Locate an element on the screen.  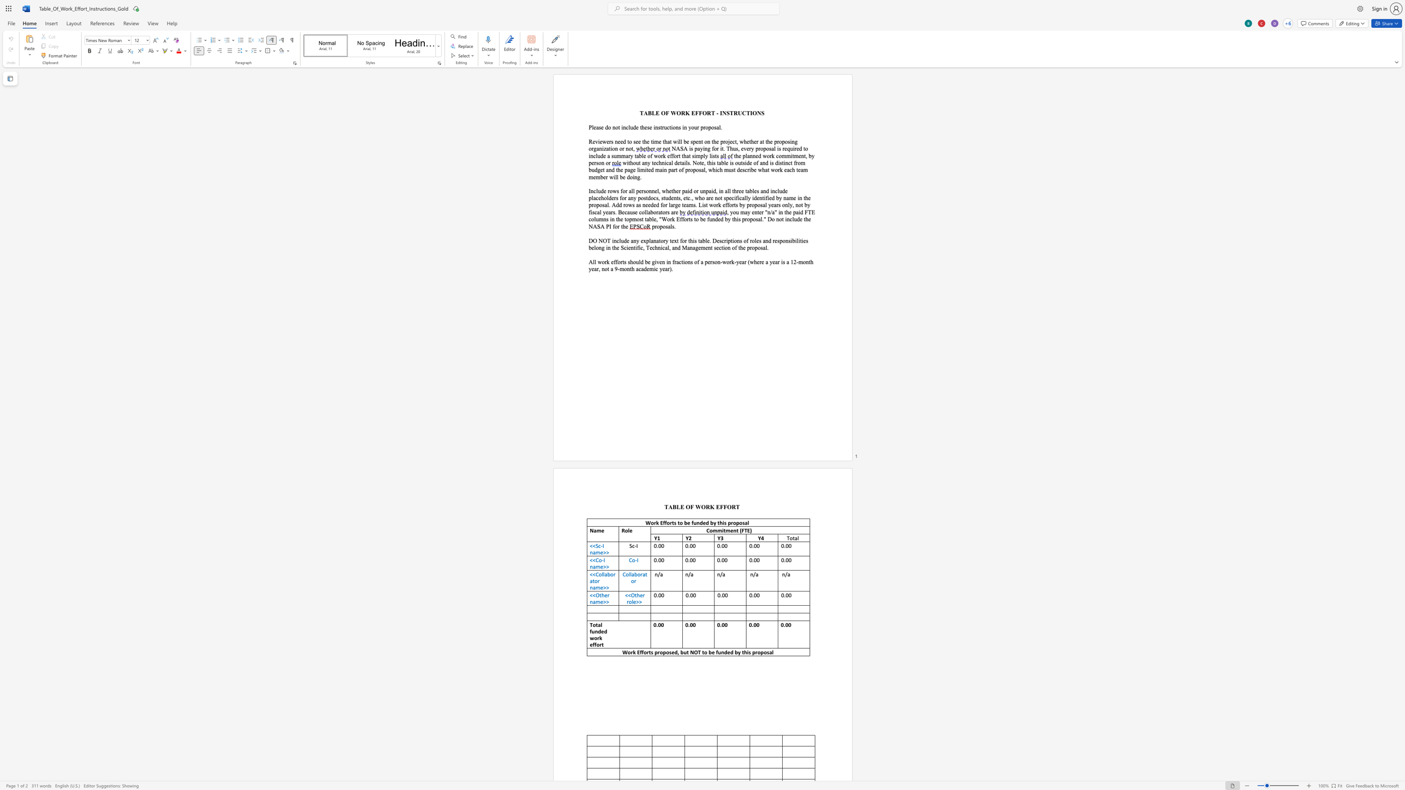
the space between the continuous character "n" and "s" in the text is located at coordinates (689, 262).